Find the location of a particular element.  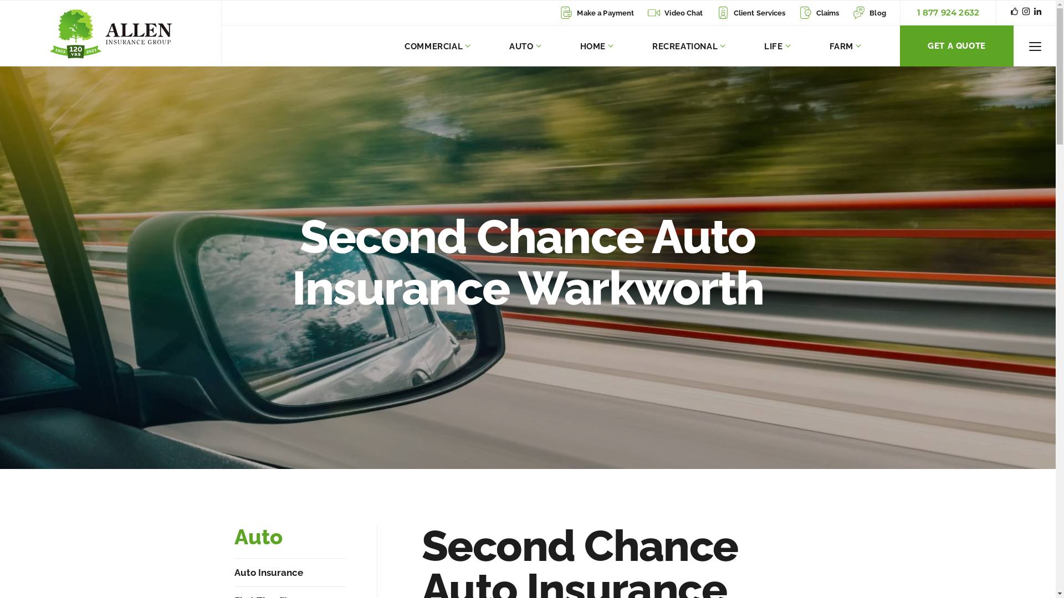

'Linkedin' is located at coordinates (1037, 12).